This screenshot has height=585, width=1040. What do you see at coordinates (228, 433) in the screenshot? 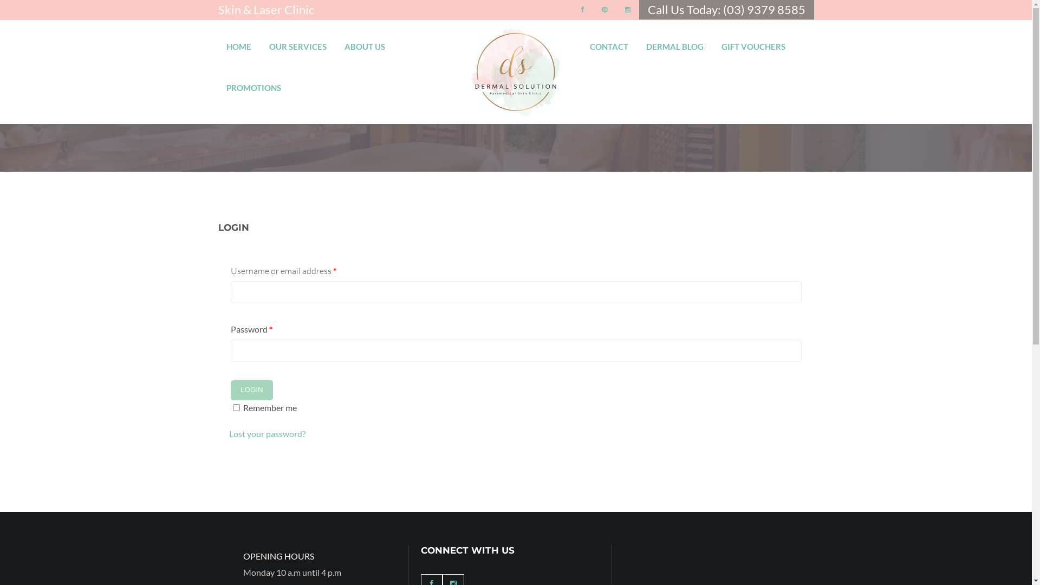
I see `'Lost your password?'` at bounding box center [228, 433].